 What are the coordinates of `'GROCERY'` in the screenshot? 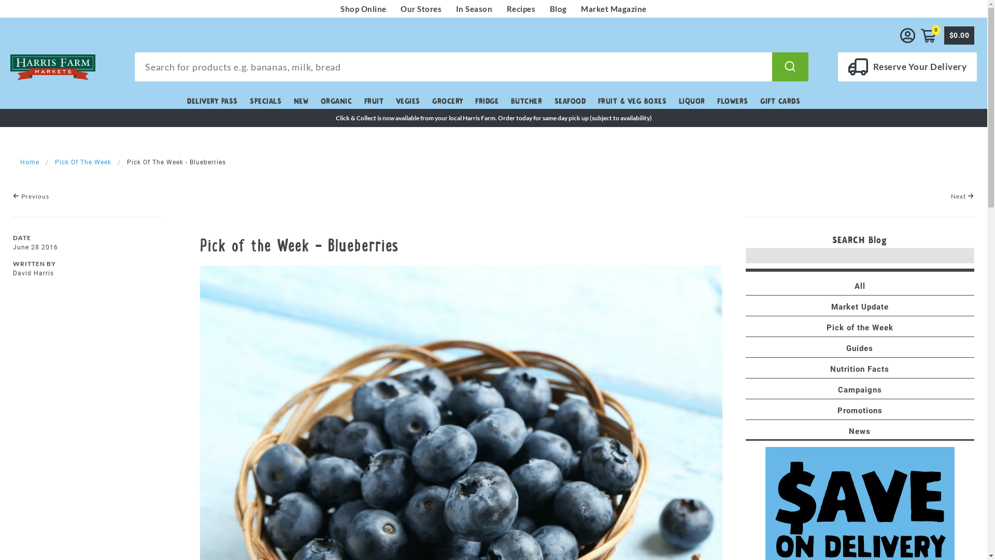 It's located at (448, 101).